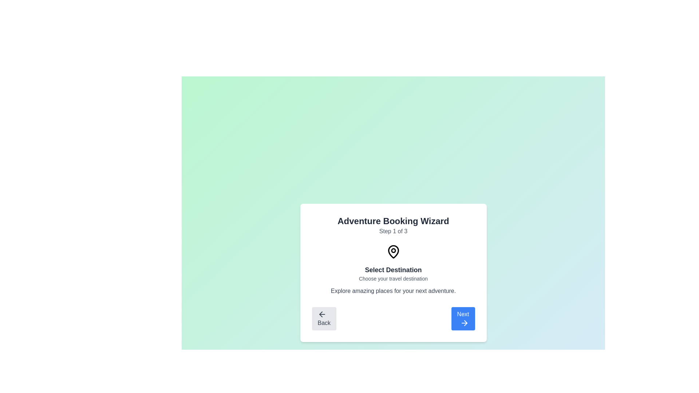 The image size is (699, 393). I want to click on the right arrow SVG icon integrated within the 'Next' button located at the bottom-right corner of the user interface card, indicating forward navigation, so click(464, 322).